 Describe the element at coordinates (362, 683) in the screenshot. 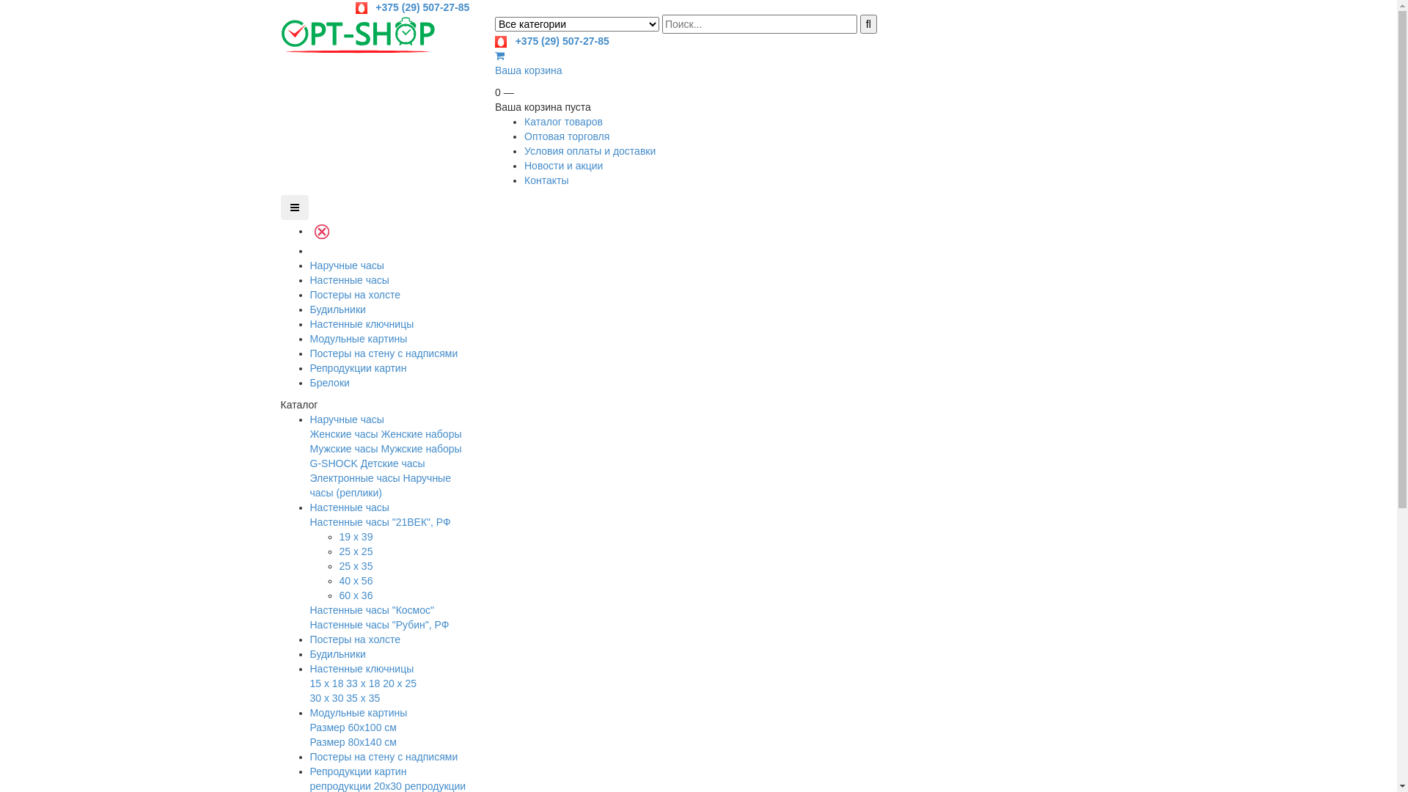

I see `'33 x 18'` at that location.